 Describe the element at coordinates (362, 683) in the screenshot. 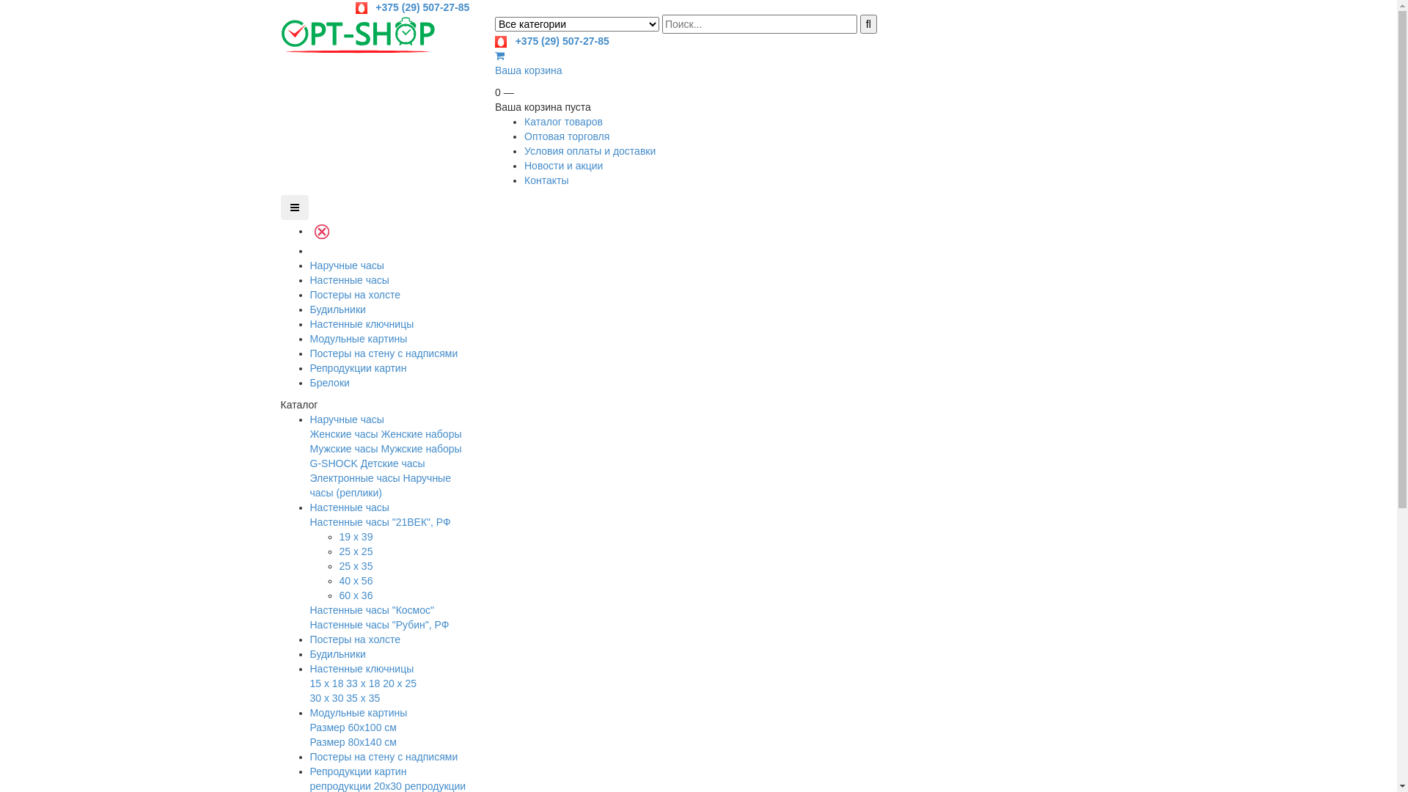

I see `'33 x 18'` at that location.